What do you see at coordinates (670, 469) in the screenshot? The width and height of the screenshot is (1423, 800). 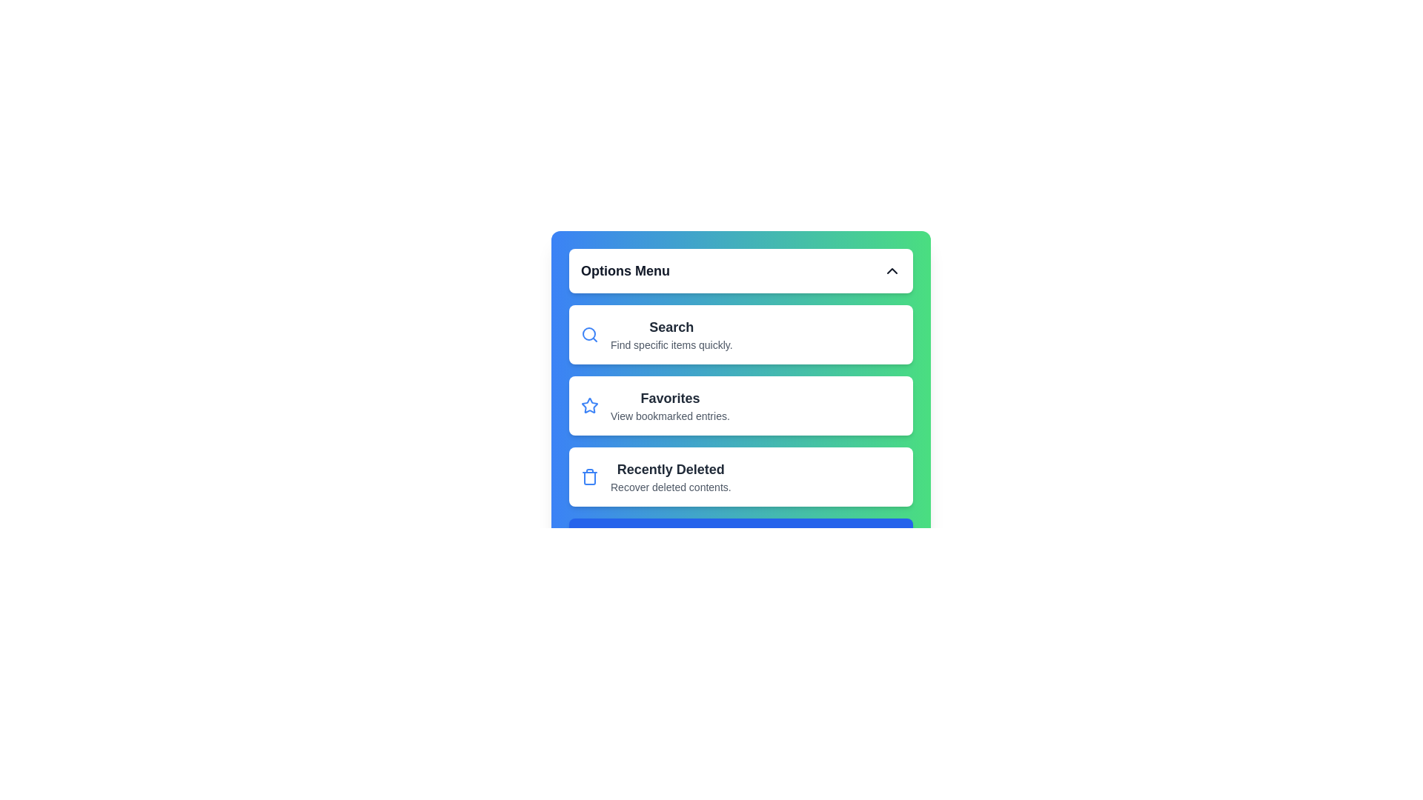 I see `the 'Recently Deleted' text label, which is the title of the third option in the vertical menu, displaying the phrase in bold dark gray above the subtitle 'Recover deleted contents.'` at bounding box center [670, 469].